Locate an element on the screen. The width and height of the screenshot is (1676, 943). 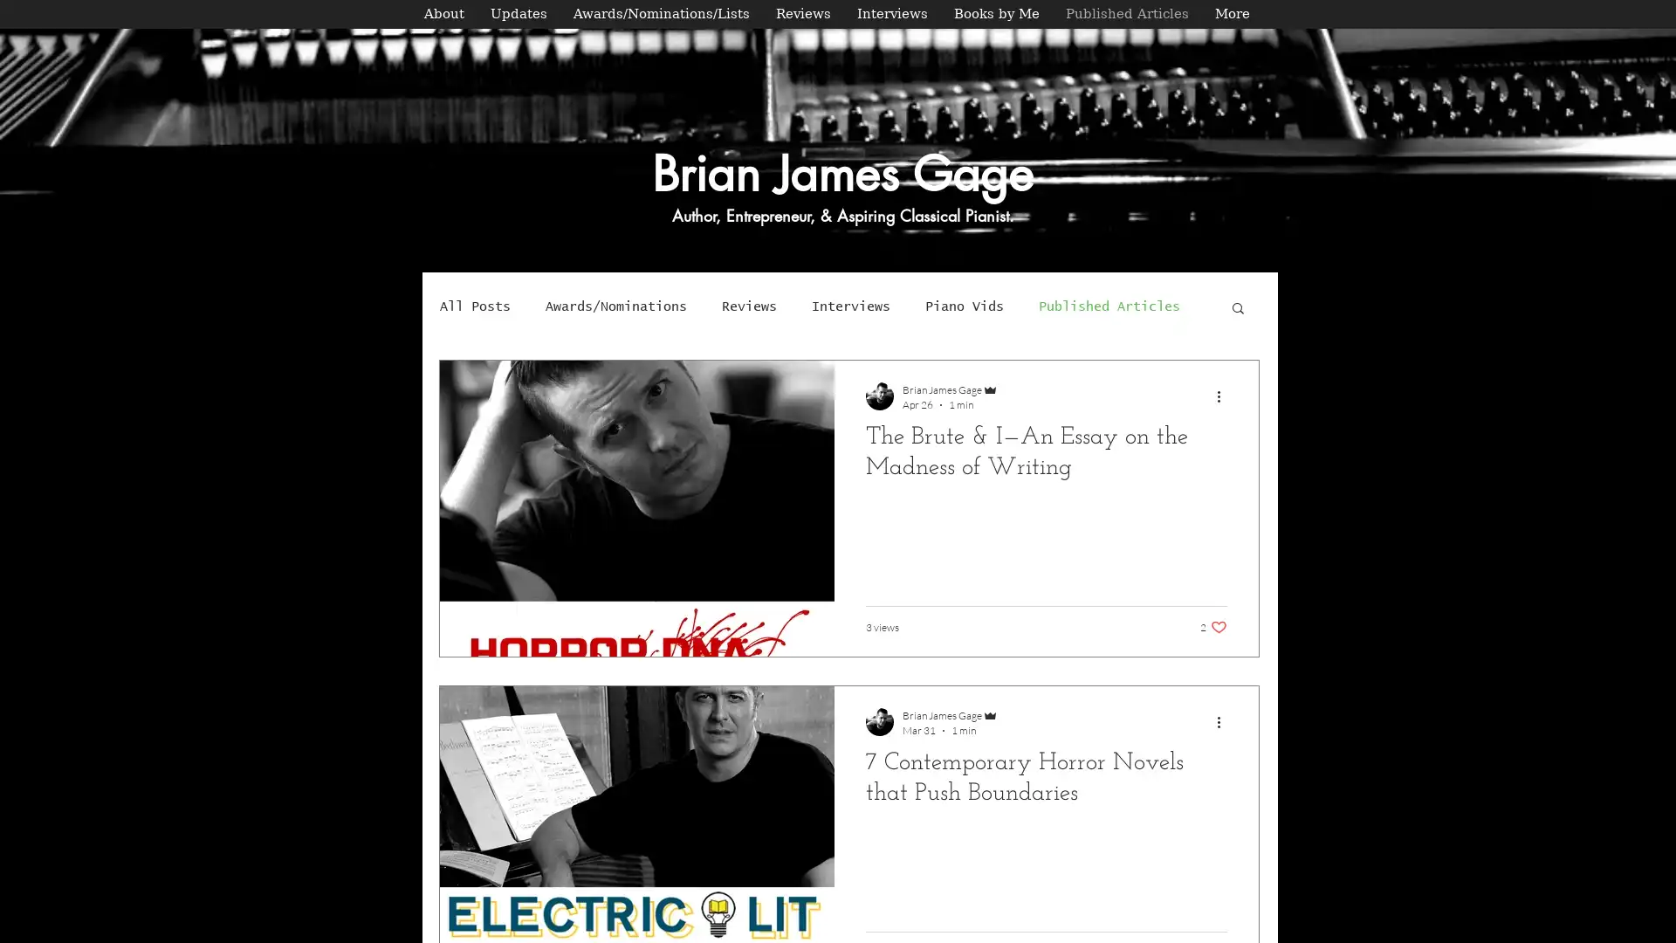
2 likes. Post not marked as liked is located at coordinates (1212, 626).